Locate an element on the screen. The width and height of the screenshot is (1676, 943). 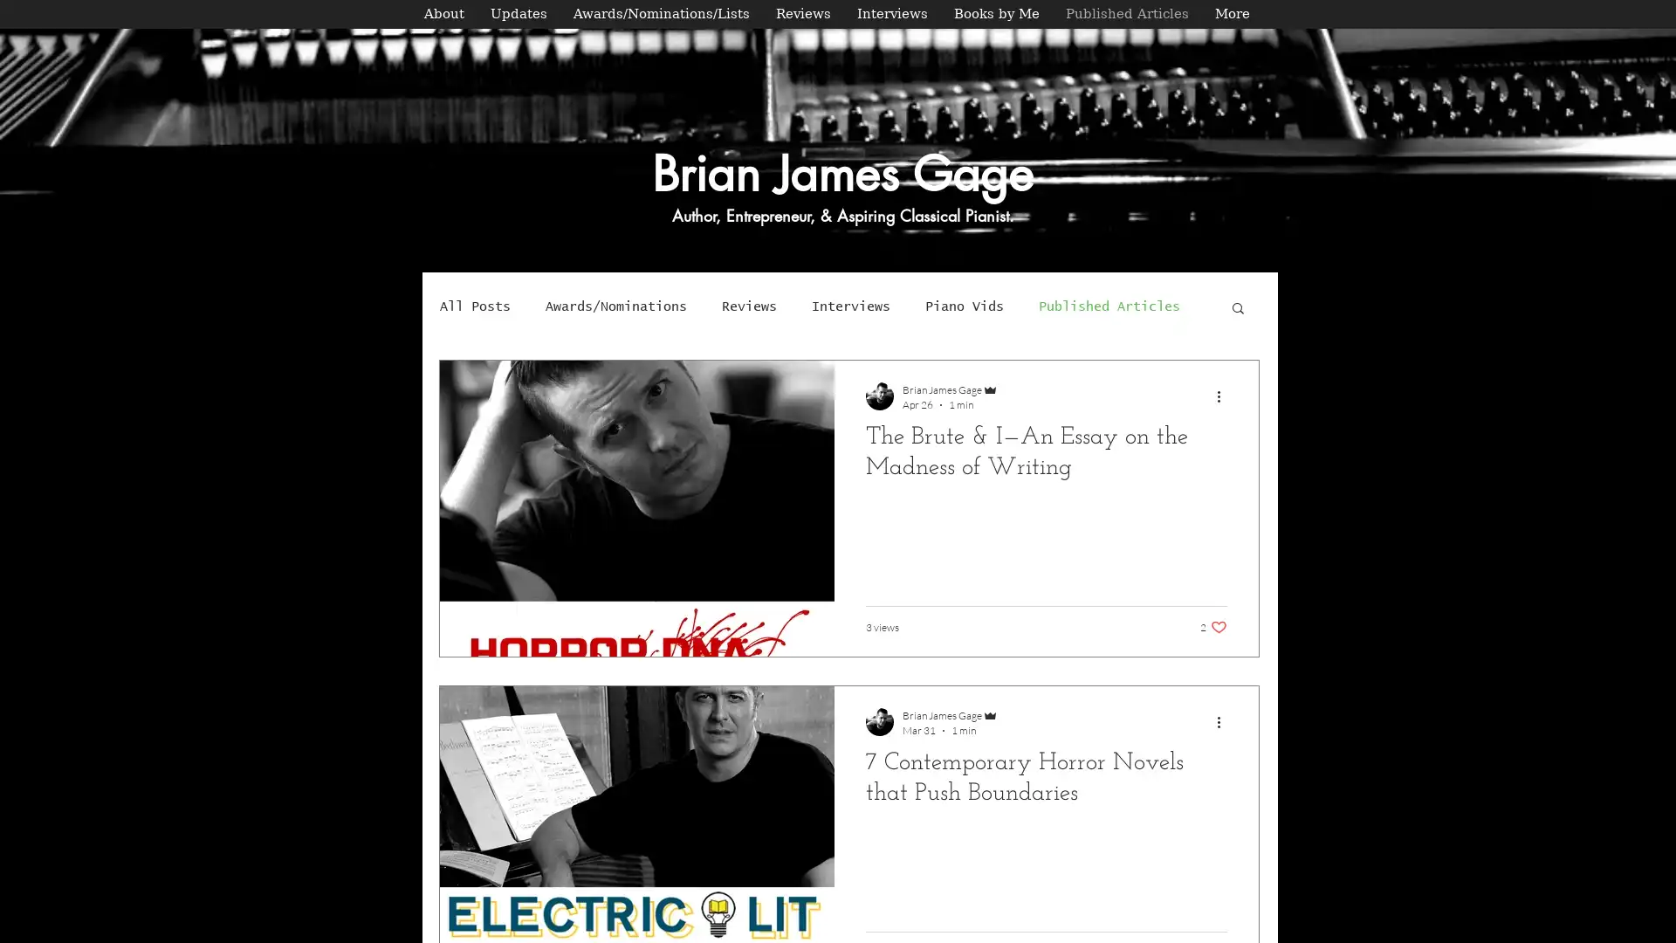
2 likes. Post not marked as liked is located at coordinates (1212, 626).